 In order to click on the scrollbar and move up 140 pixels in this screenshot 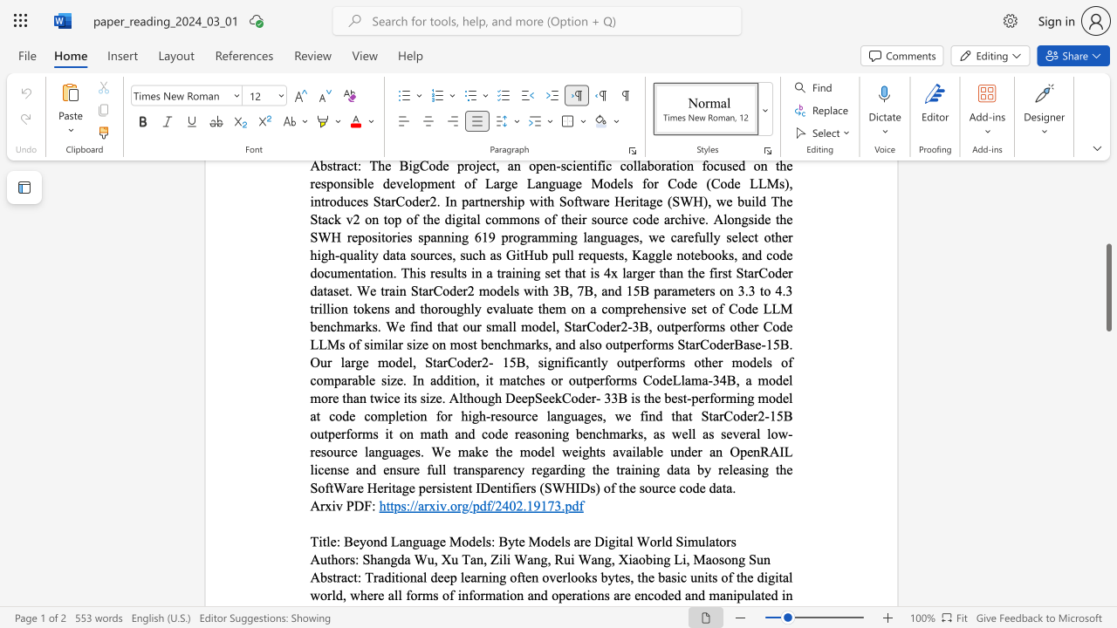, I will do `click(1107, 286)`.